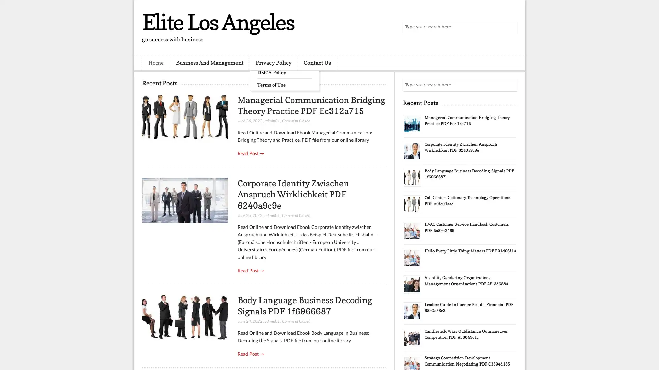 The image size is (659, 370). What do you see at coordinates (510, 27) in the screenshot?
I see `Search` at bounding box center [510, 27].